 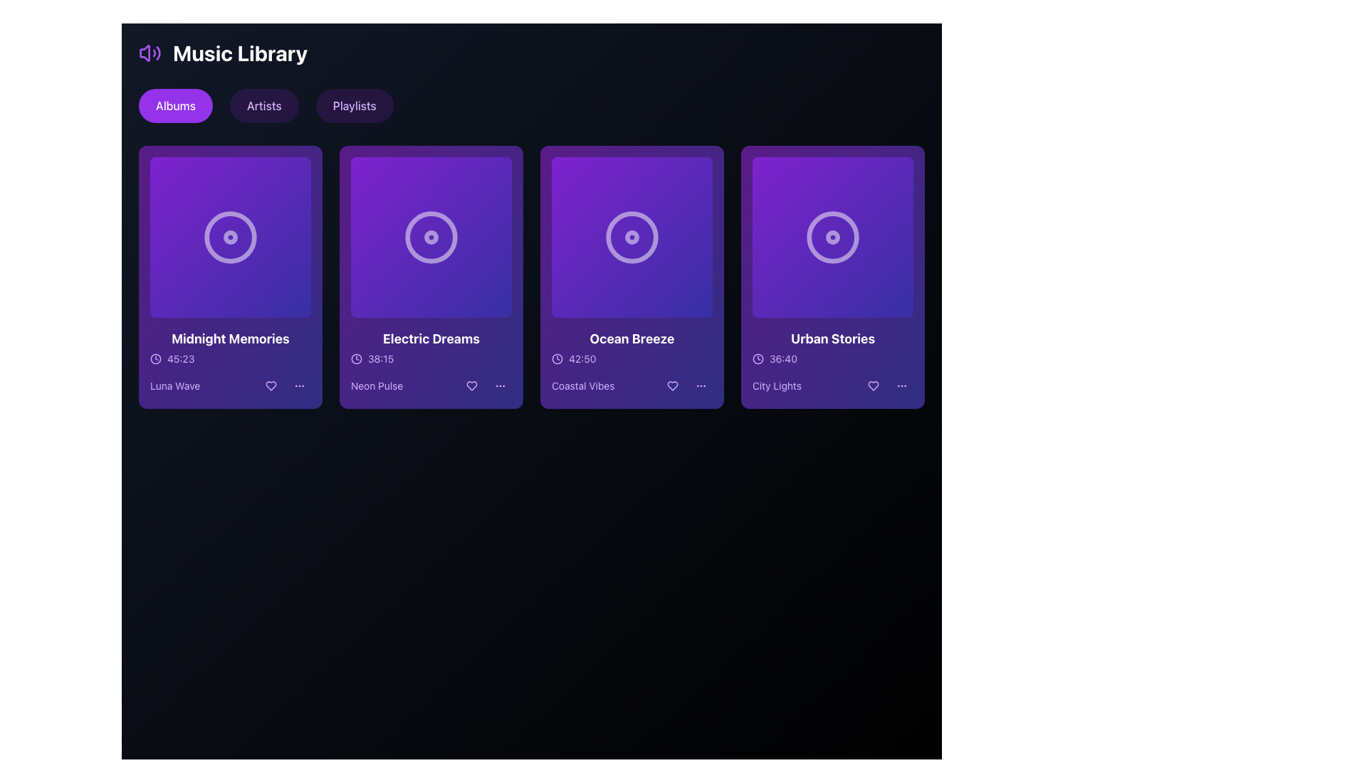 What do you see at coordinates (833, 237) in the screenshot?
I see `the decorative icon representing a disc or album, located centrally within the fourth card from the left in the row of album cards` at bounding box center [833, 237].